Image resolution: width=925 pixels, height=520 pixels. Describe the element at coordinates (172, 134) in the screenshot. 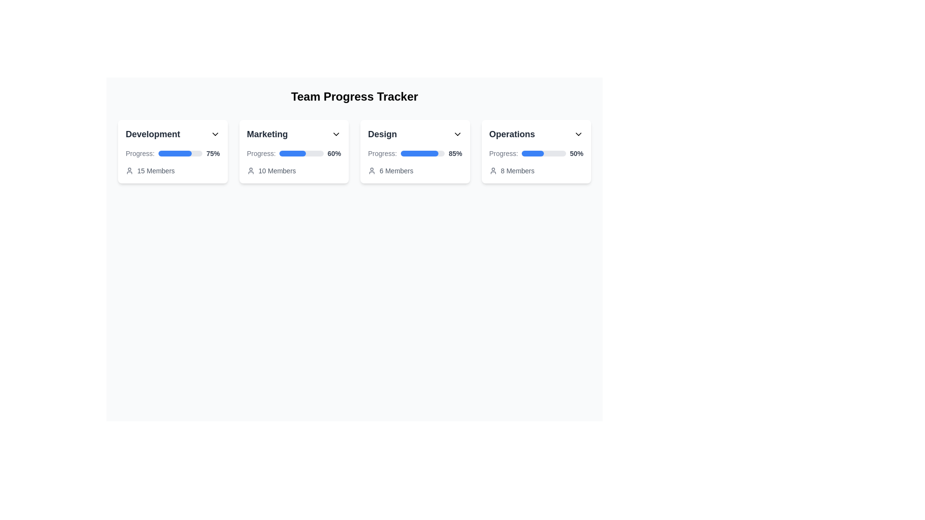

I see `the Text Label indicating the category or group of content in the card titled 'Development', which is located at the top-left corner of the card layout` at that location.